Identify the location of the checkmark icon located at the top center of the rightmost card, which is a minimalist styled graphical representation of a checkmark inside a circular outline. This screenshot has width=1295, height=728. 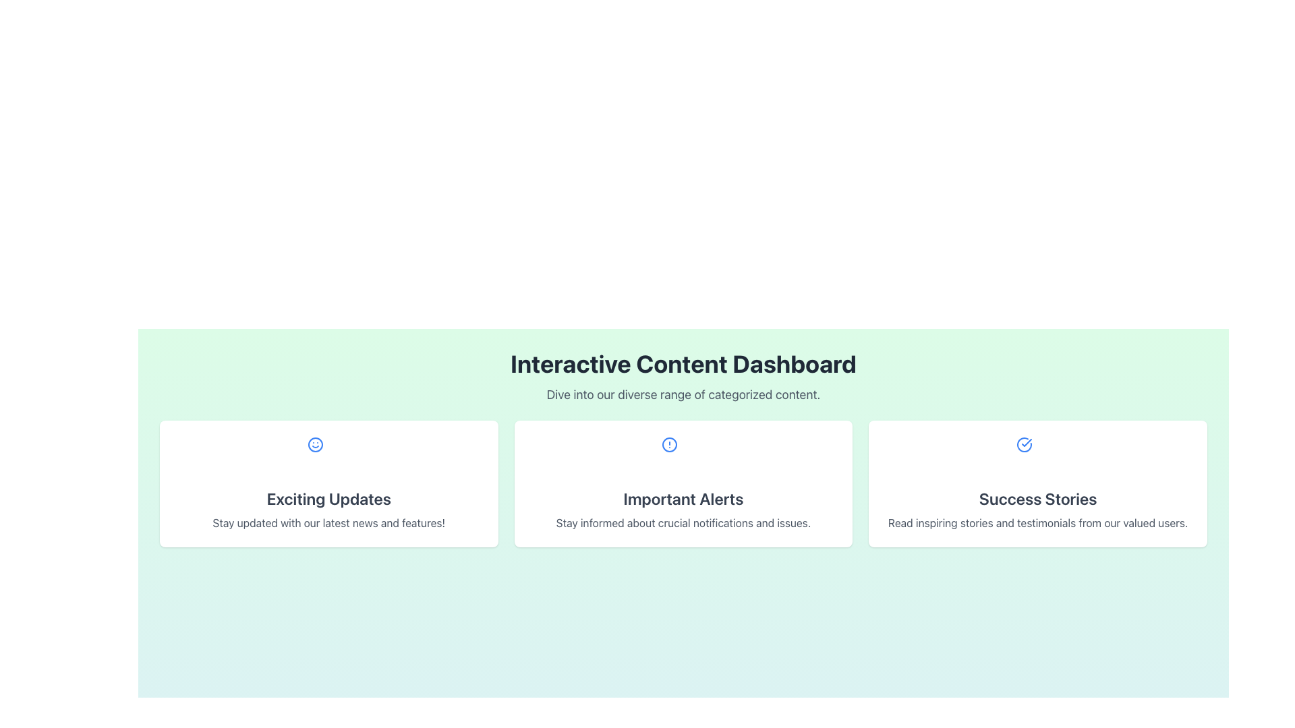
(1026, 442).